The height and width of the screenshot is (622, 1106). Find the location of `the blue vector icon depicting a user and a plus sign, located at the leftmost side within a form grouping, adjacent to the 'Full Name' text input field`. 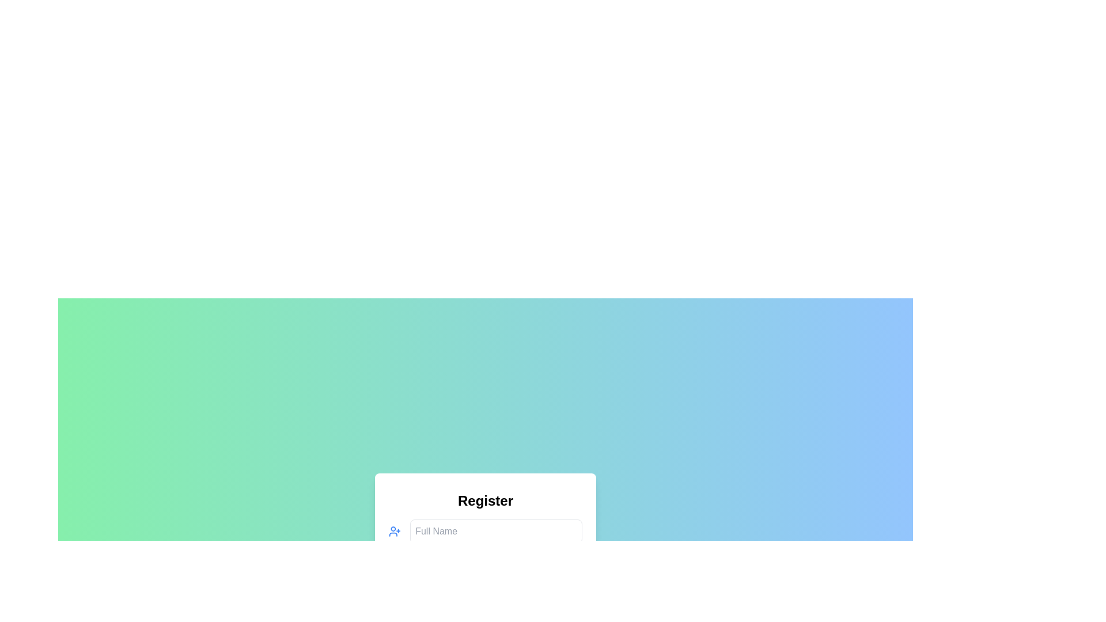

the blue vector icon depicting a user and a plus sign, located at the leftmost side within a form grouping, adjacent to the 'Full Name' text input field is located at coordinates (395, 531).